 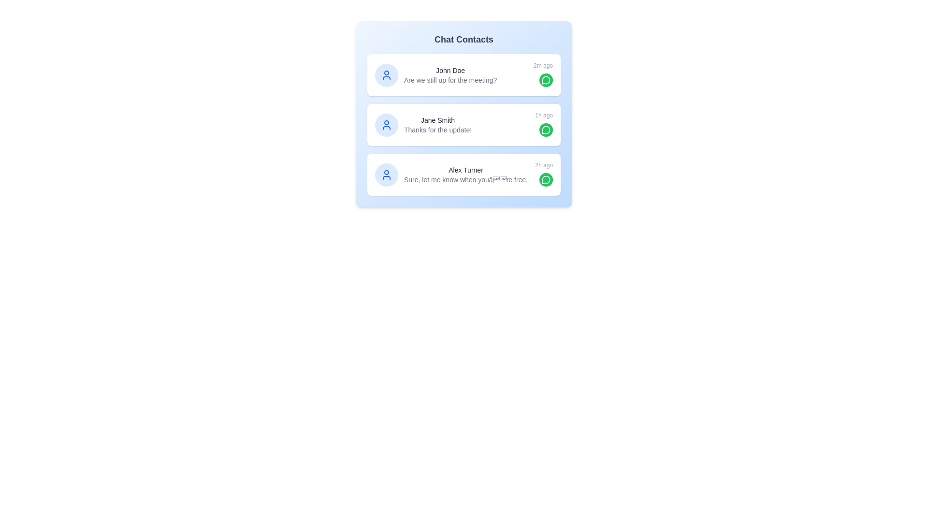 What do you see at coordinates (546, 130) in the screenshot?
I see `the chat button for Jane Smith to open their chat interface` at bounding box center [546, 130].